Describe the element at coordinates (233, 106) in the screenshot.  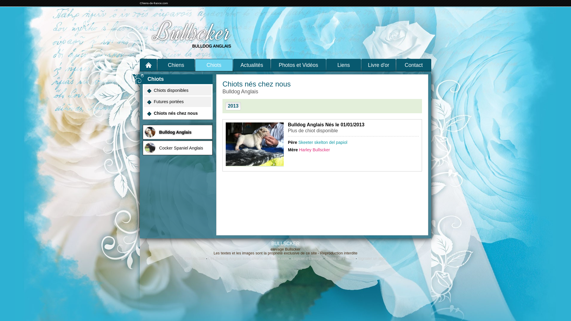
I see `'2013'` at that location.